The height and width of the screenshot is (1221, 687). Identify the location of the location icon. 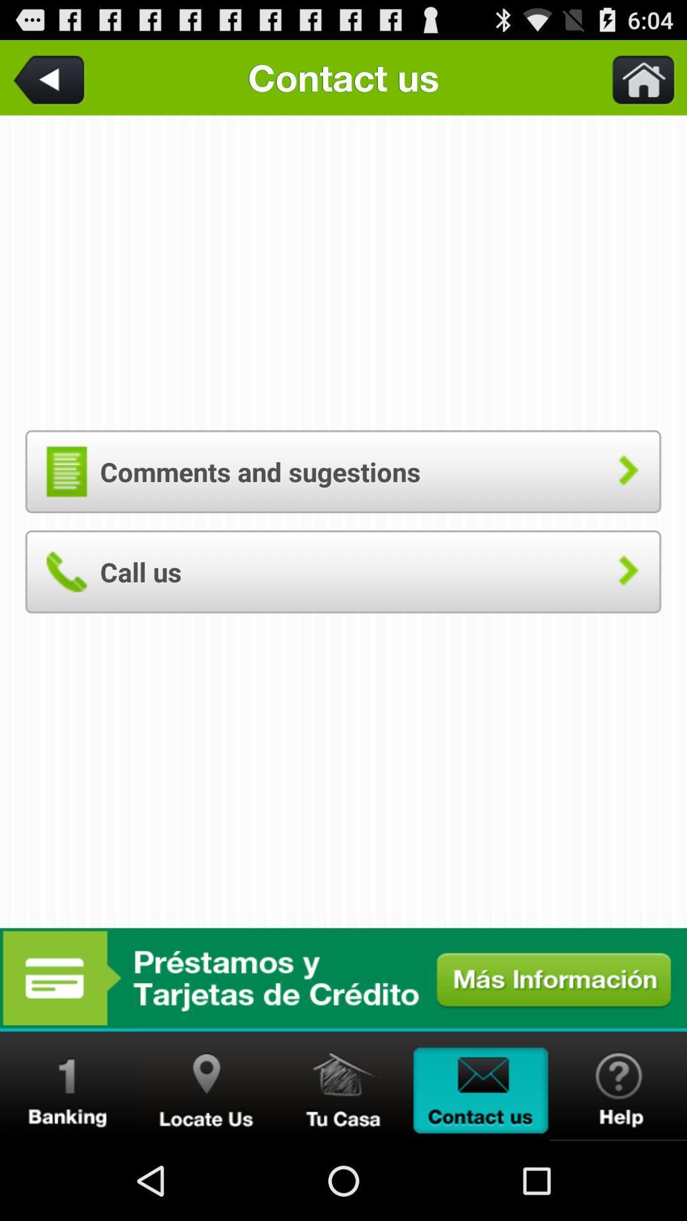
(205, 1162).